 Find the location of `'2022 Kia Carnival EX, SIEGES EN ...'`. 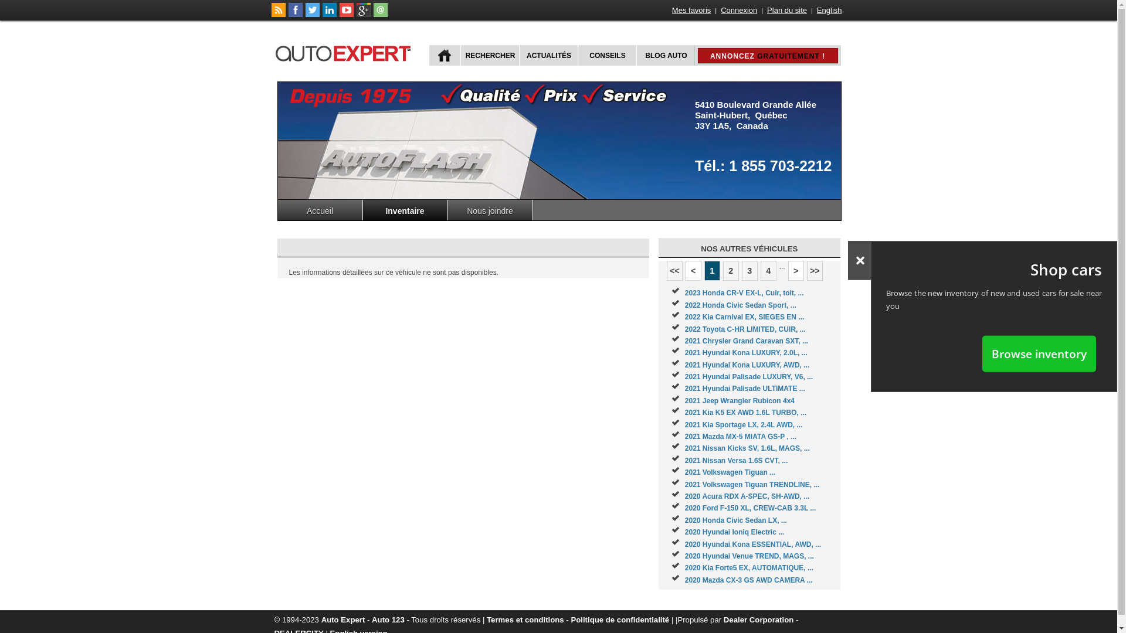

'2022 Kia Carnival EX, SIEGES EN ...' is located at coordinates (684, 316).